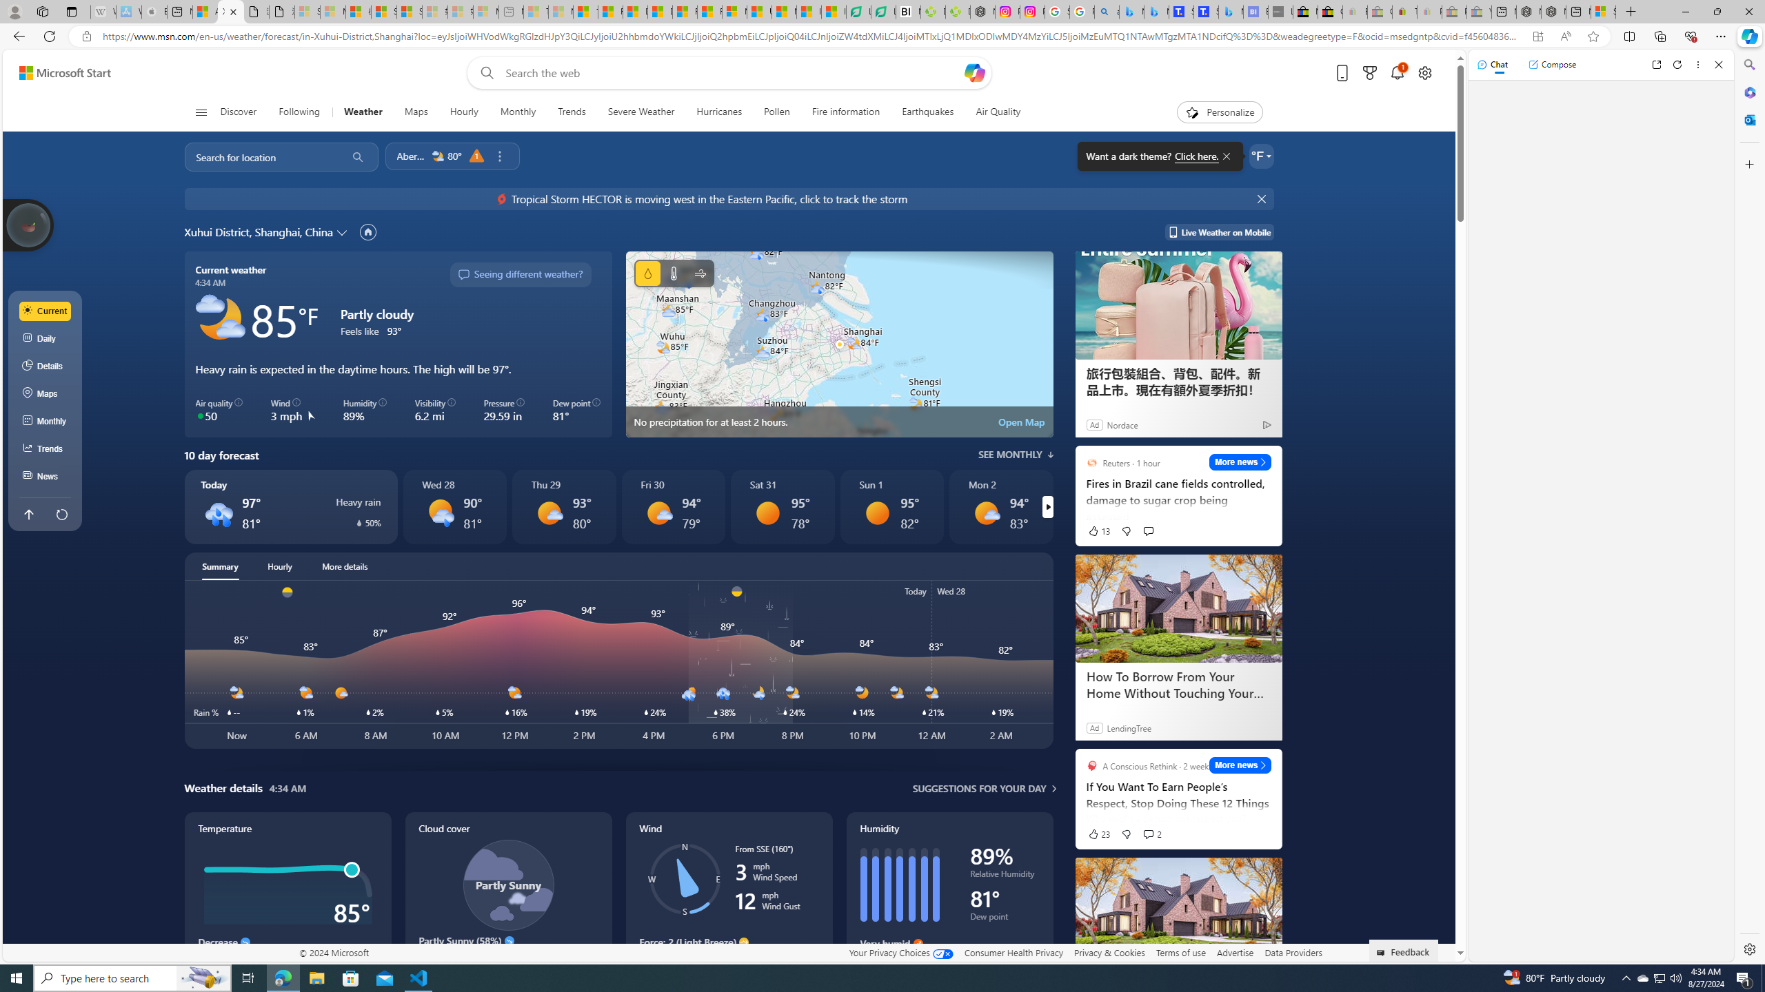  I want to click on 'Marine life - MSN - Sleeping', so click(559, 11).